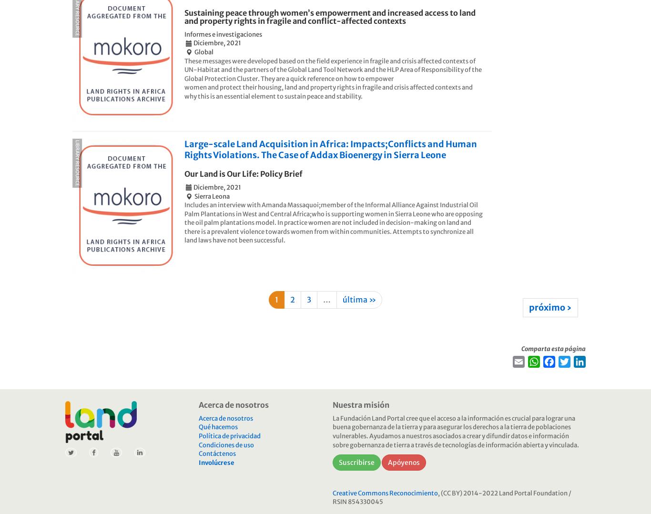 This screenshot has width=651, height=514. I want to click on 'Contáctenos', so click(198, 454).